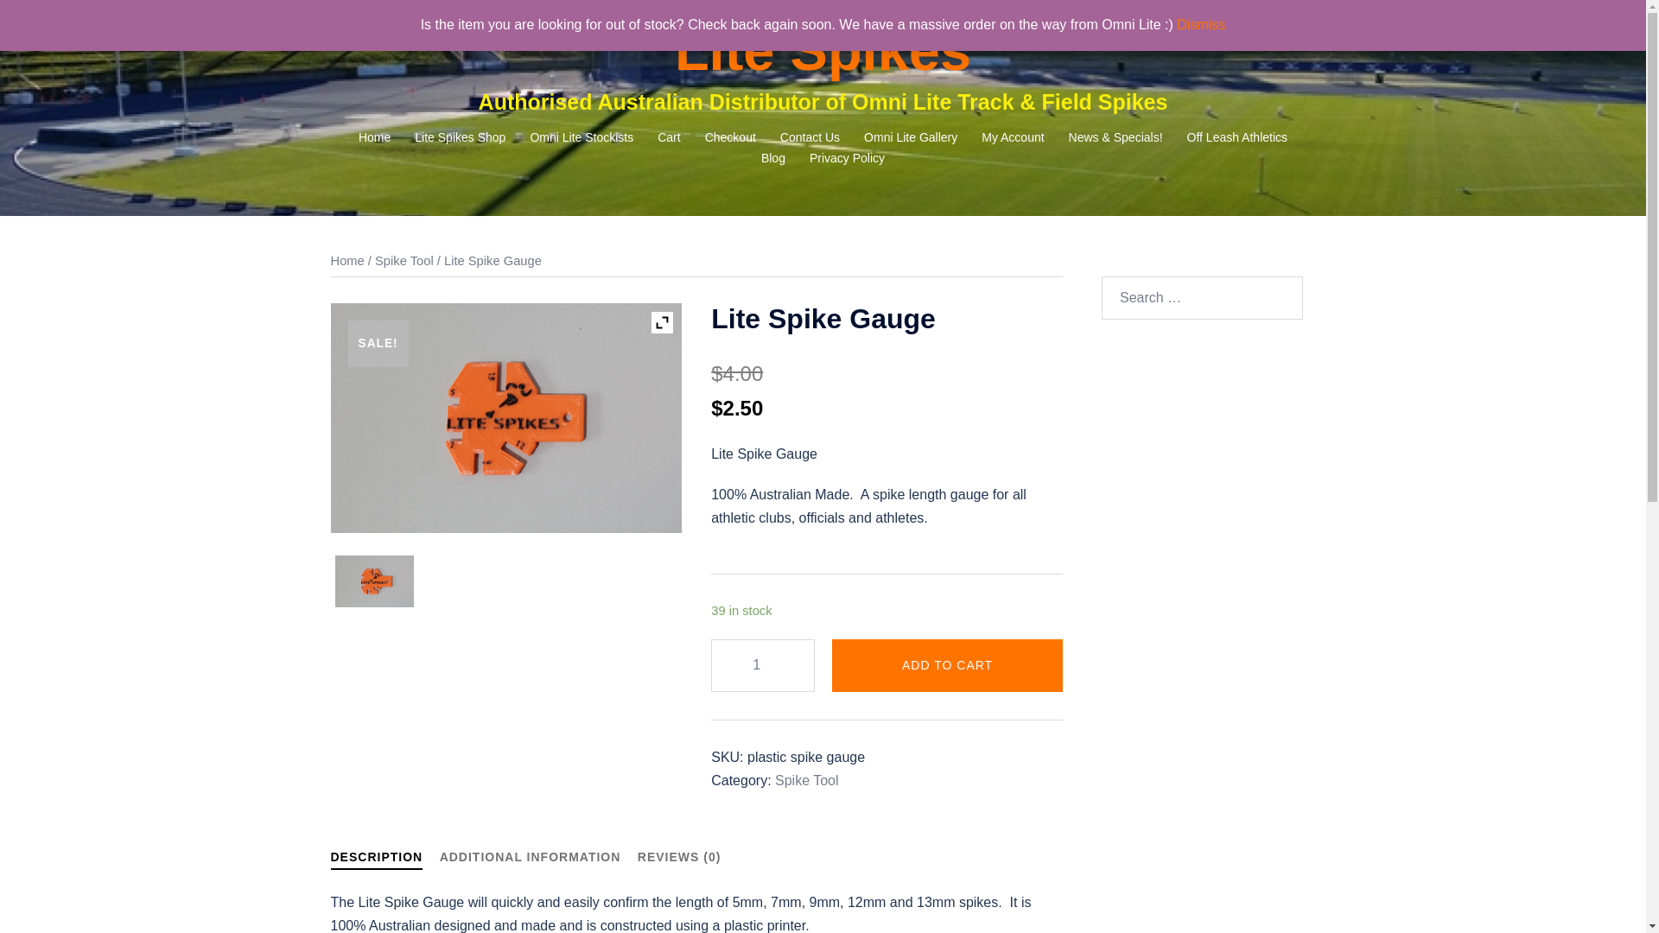 The height and width of the screenshot is (933, 1659). Describe the element at coordinates (346, 260) in the screenshot. I see `'Home'` at that location.